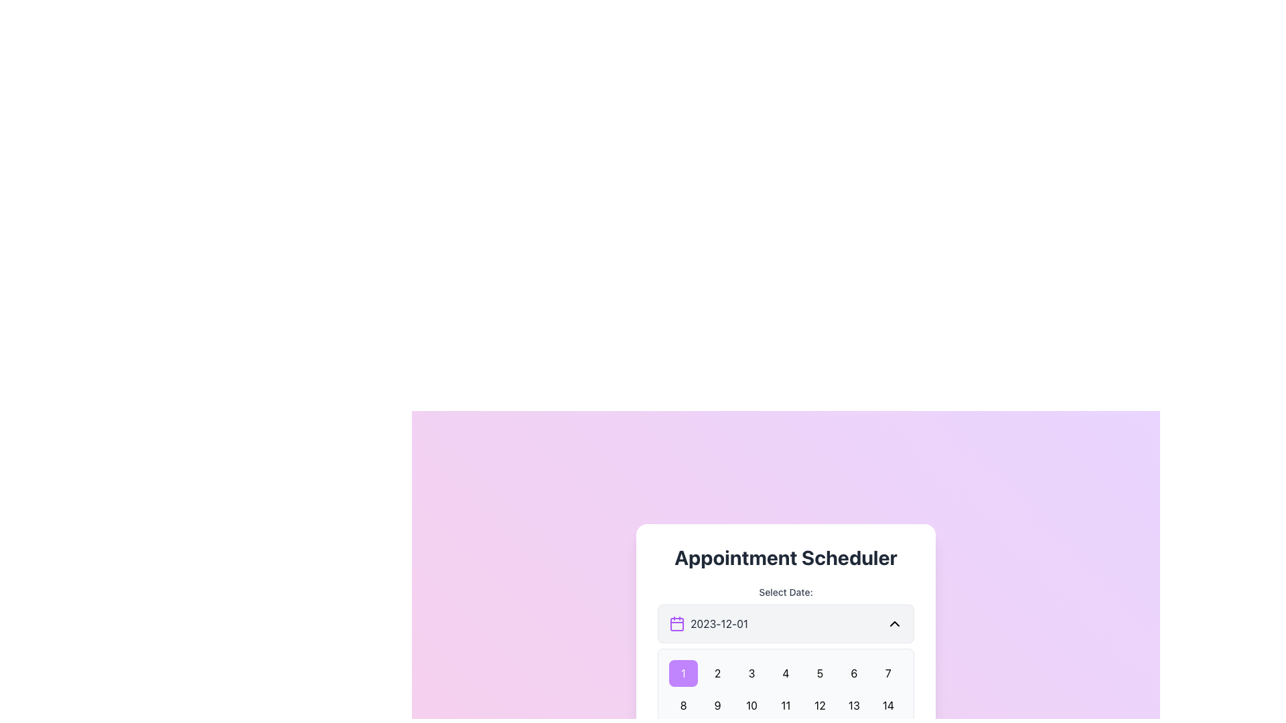 This screenshot has width=1286, height=723. What do you see at coordinates (752, 705) in the screenshot?
I see `the button labeled '10' in the third column of the second row of the calendar interface` at bounding box center [752, 705].